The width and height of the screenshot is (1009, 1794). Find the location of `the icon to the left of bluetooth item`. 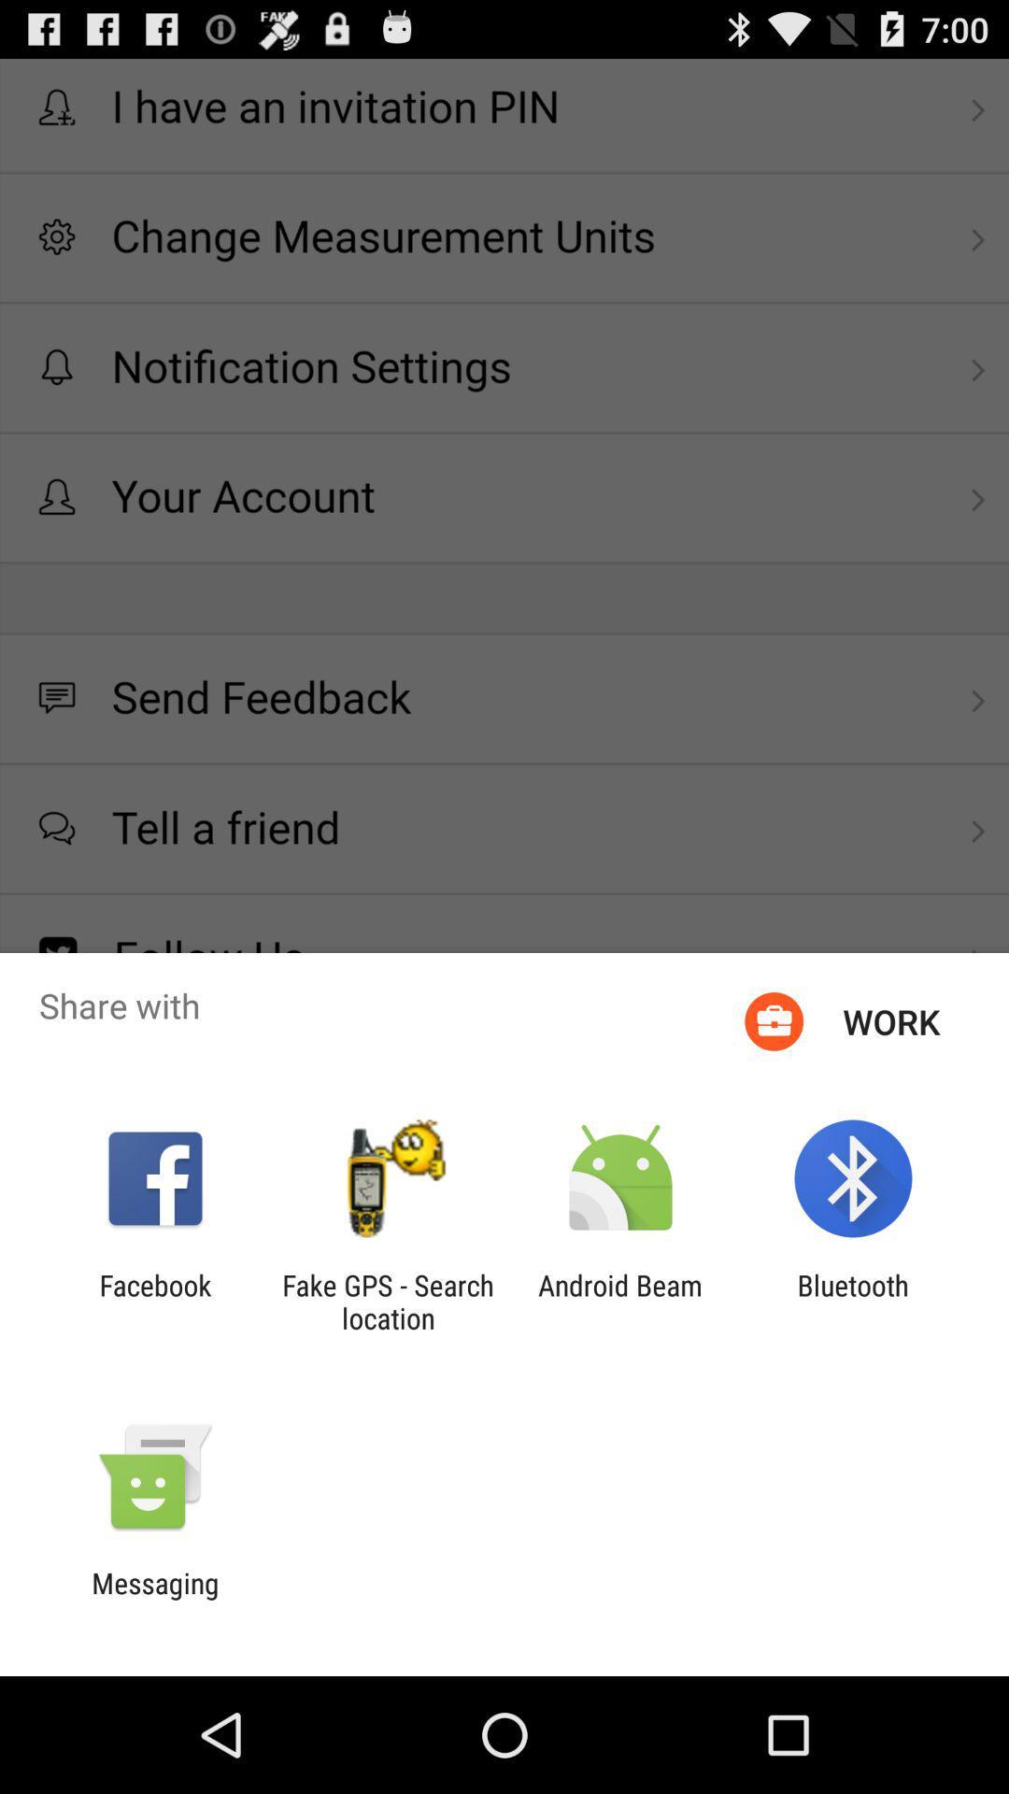

the icon to the left of bluetooth item is located at coordinates (620, 1301).